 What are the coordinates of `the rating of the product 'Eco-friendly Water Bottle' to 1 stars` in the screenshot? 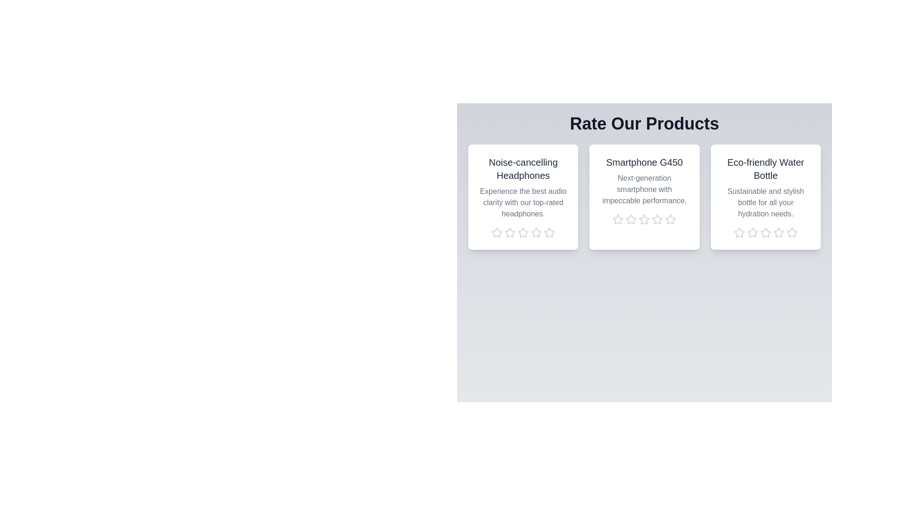 It's located at (738, 232).